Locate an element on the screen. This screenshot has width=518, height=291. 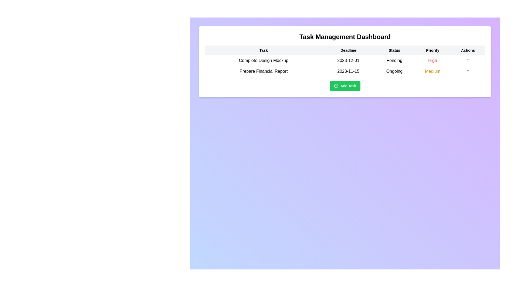
the Dropdown toggle icon located at the far-right end of the row labeled 'Prepare Financial Report' under the 'Actions' column is located at coordinates (468, 71).